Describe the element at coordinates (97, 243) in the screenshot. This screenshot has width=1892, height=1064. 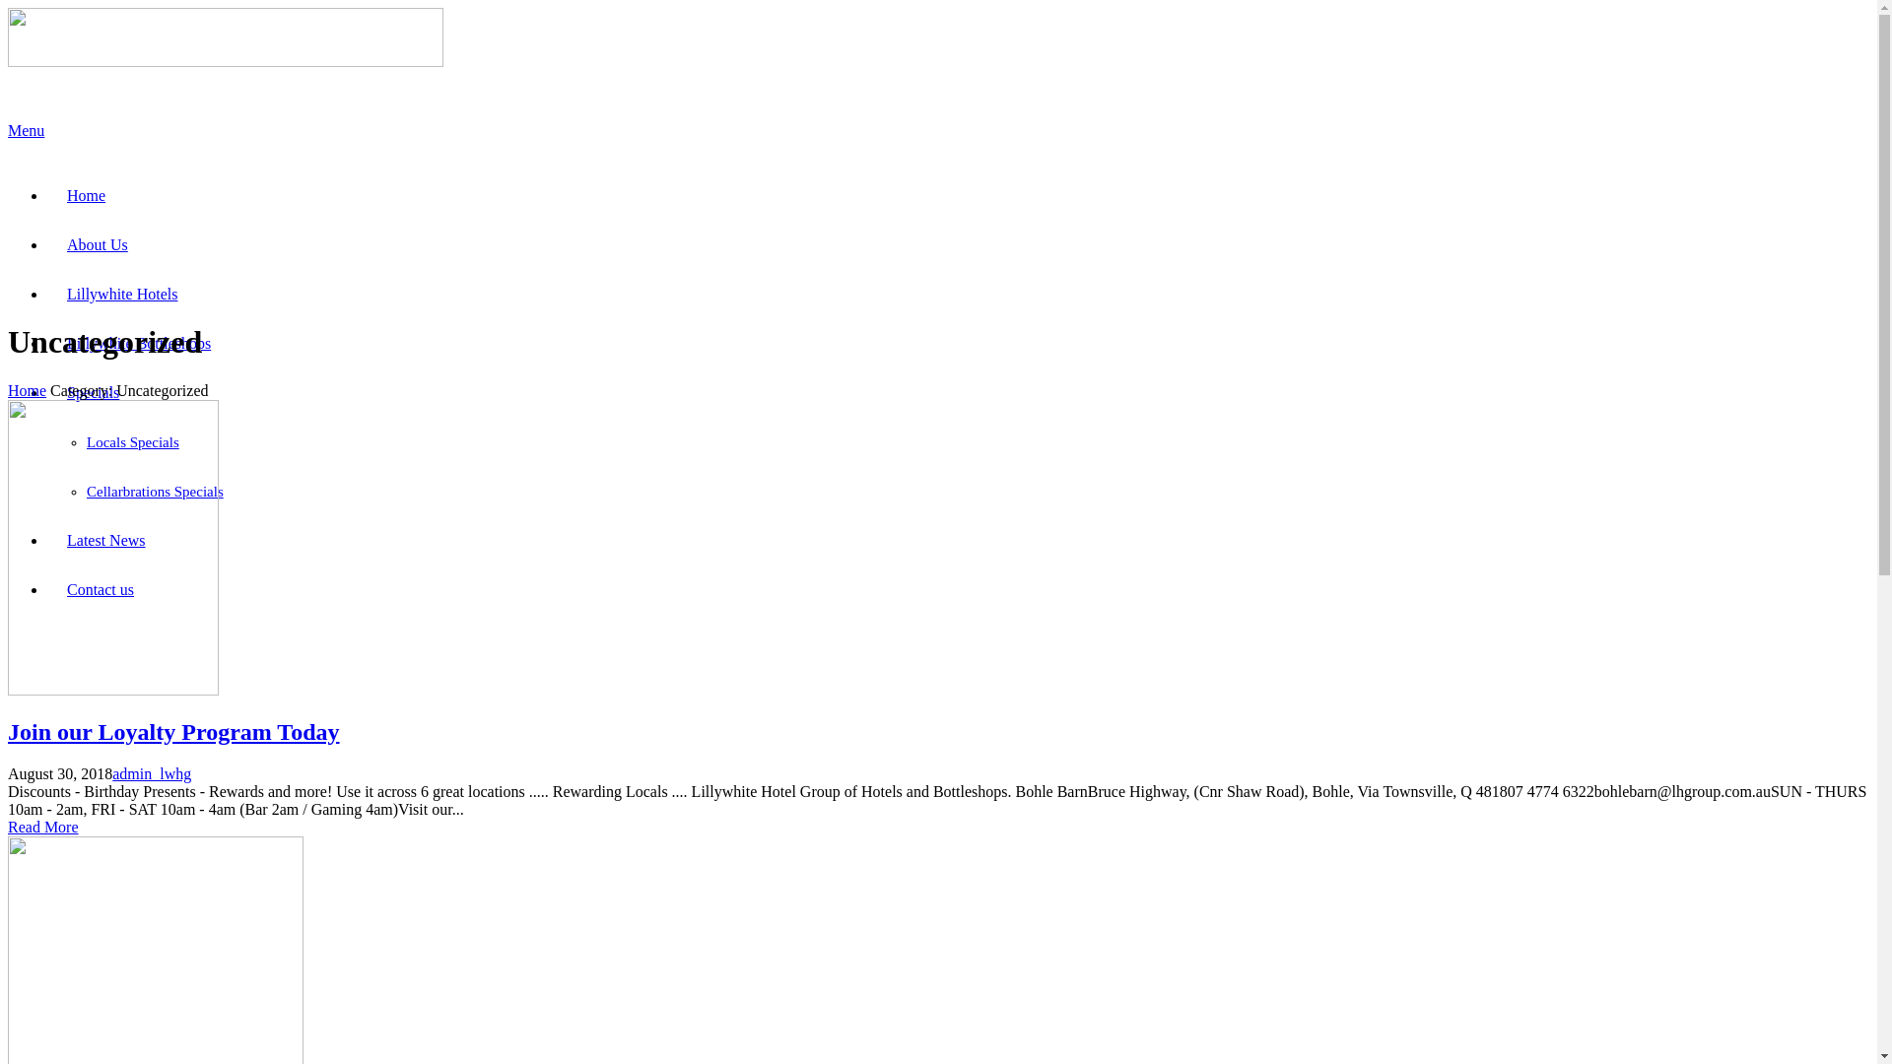
I see `'About Us'` at that location.